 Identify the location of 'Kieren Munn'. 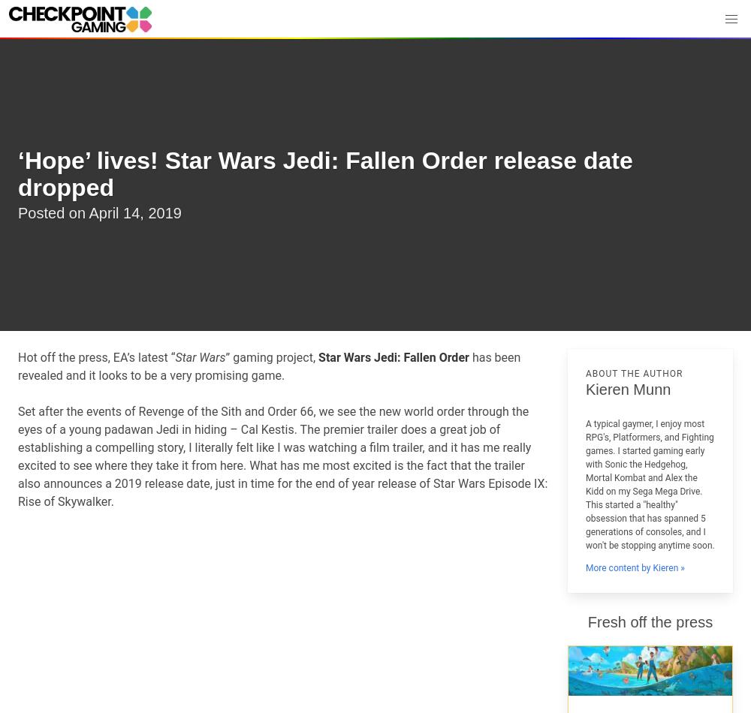
(627, 389).